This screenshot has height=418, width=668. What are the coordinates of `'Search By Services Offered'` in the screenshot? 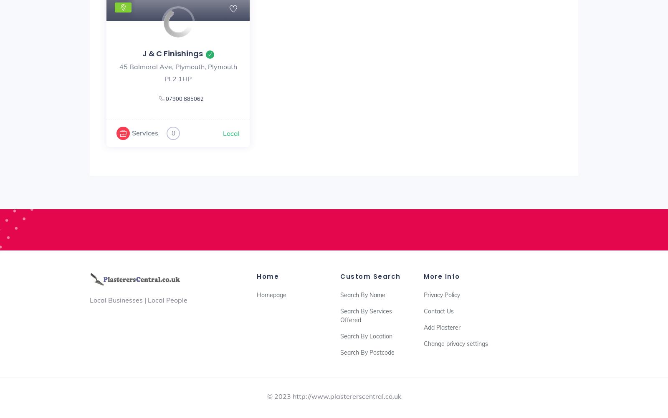 It's located at (365, 315).